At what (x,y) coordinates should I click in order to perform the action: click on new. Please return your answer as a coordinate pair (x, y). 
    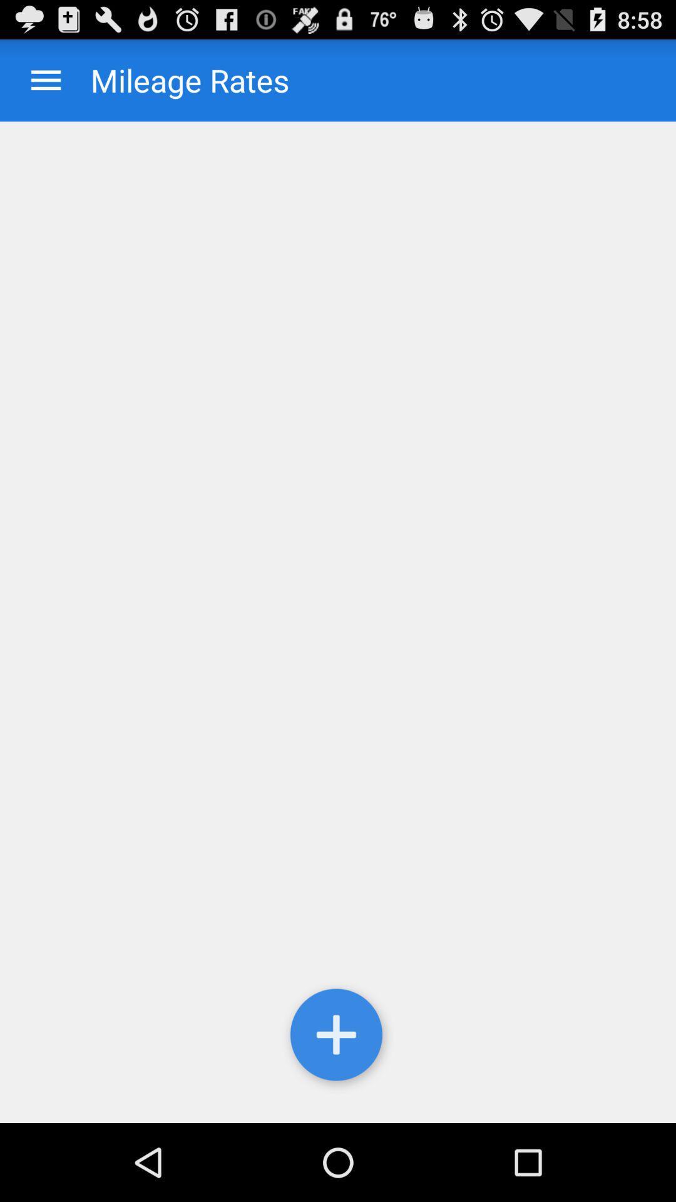
    Looking at the image, I should click on (338, 1037).